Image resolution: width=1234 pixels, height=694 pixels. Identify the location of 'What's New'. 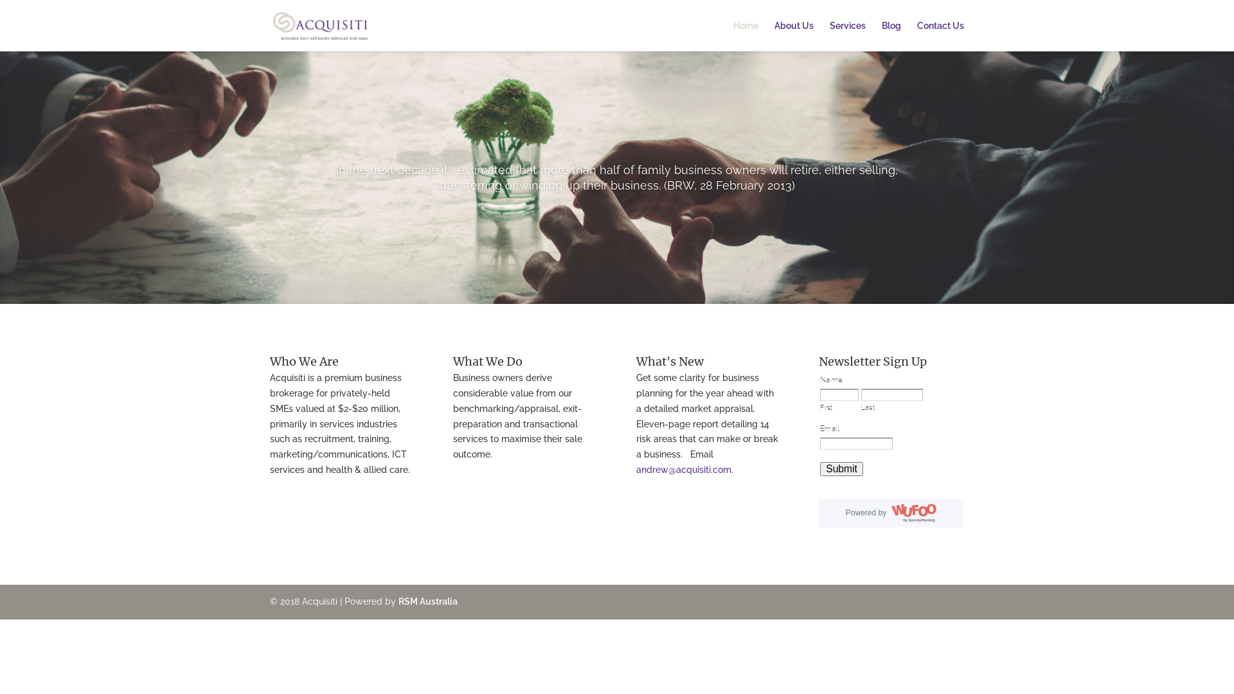
(636, 361).